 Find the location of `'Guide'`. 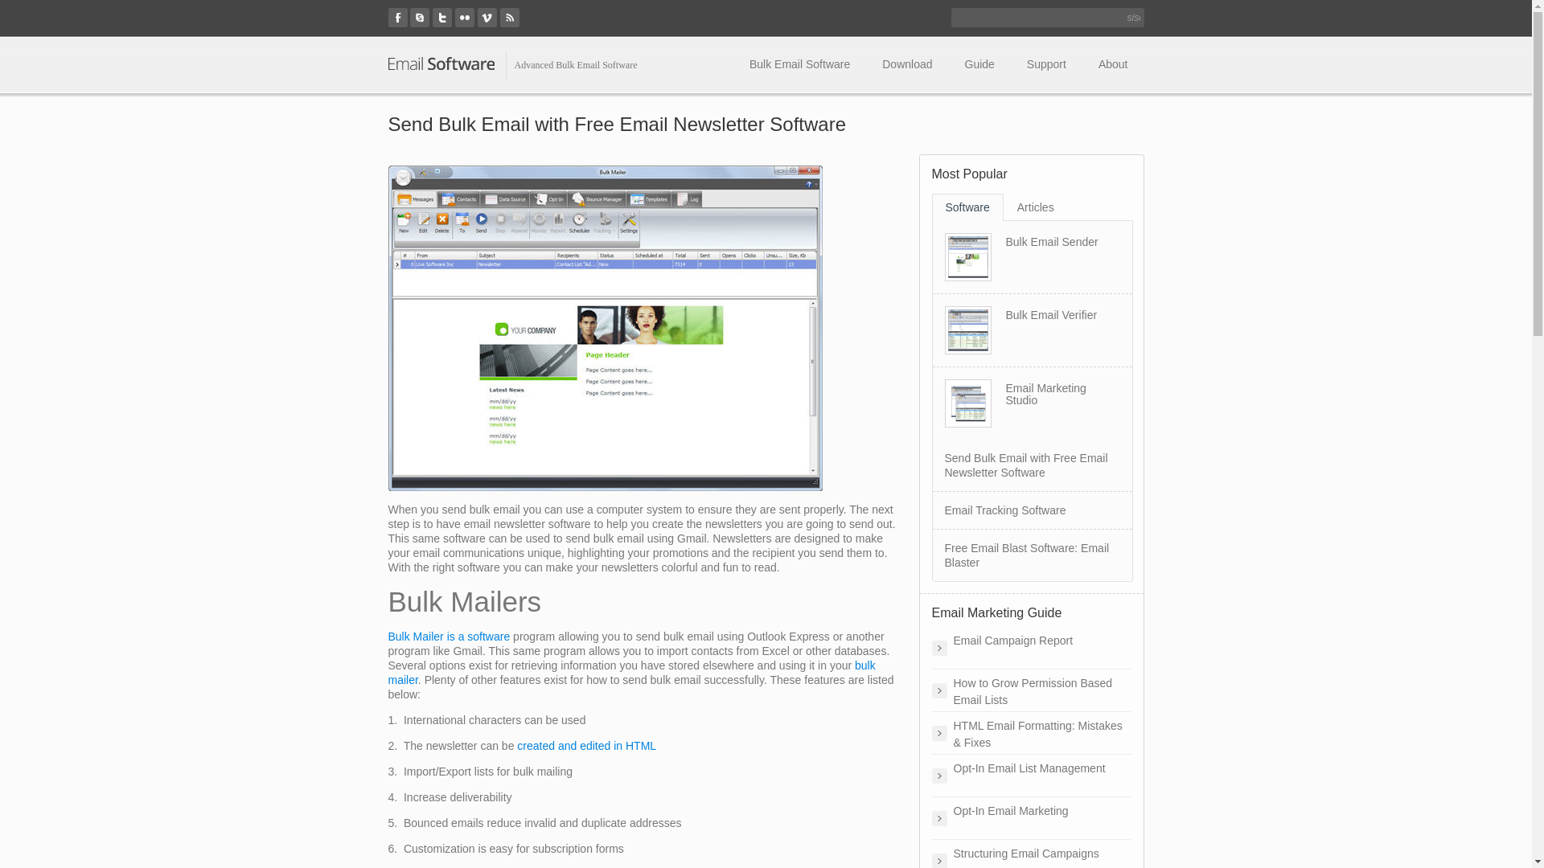

'Guide' is located at coordinates (979, 63).